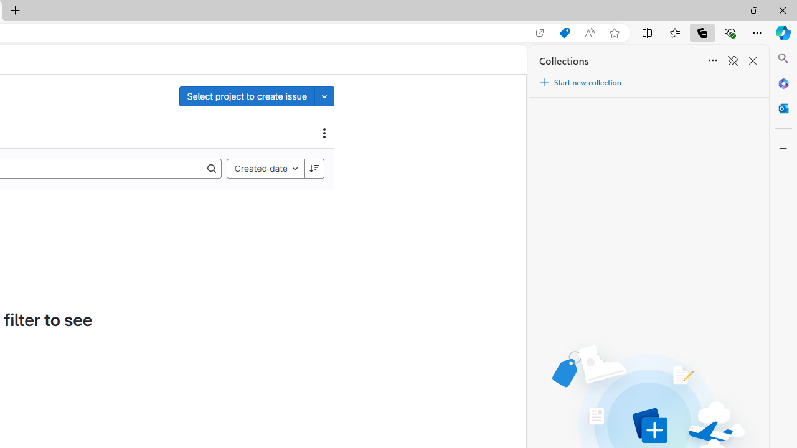 The width and height of the screenshot is (797, 448). What do you see at coordinates (564, 32) in the screenshot?
I see `'Shopping in Microsoft Edge'` at bounding box center [564, 32].